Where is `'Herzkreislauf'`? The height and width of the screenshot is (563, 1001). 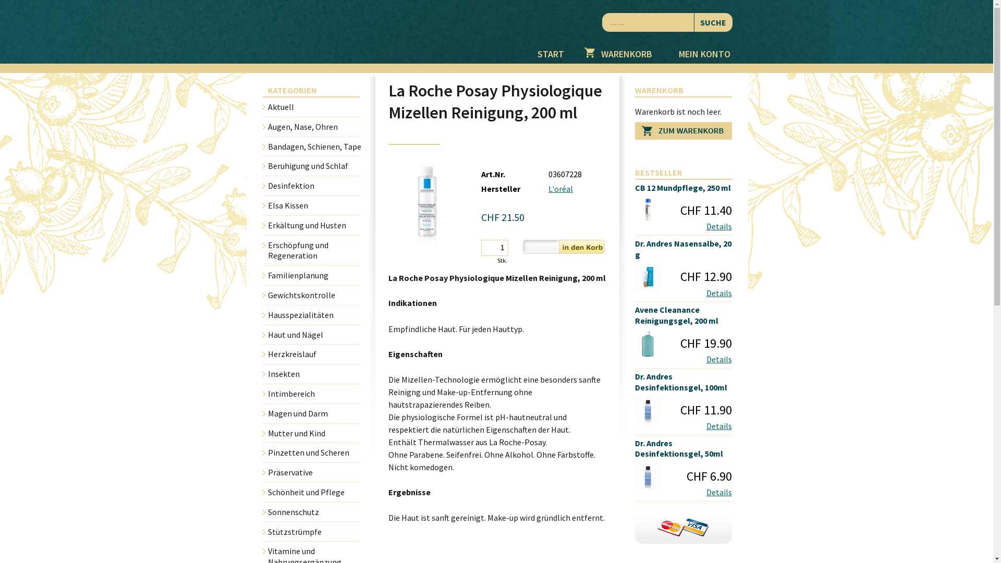 'Herzkreislauf' is located at coordinates (313, 353).